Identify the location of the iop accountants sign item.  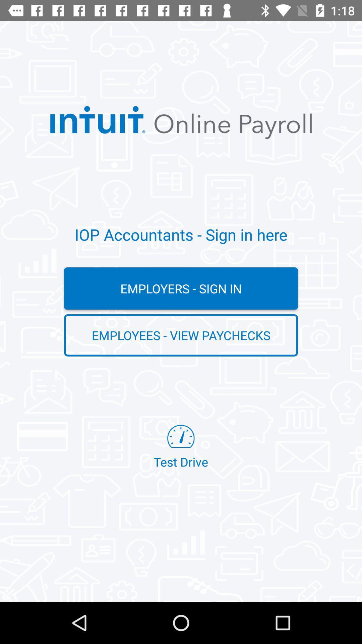
(181, 234).